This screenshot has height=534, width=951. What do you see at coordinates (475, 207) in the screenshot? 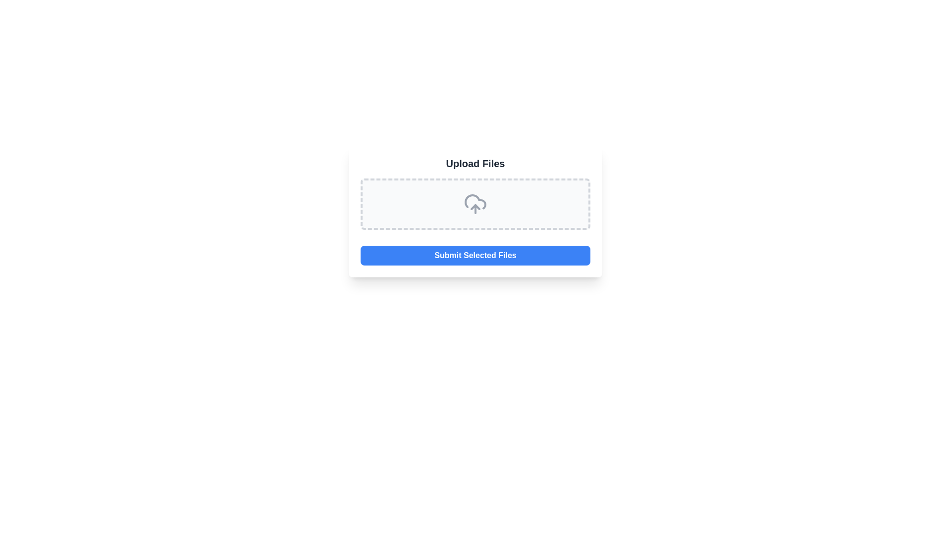
I see `the upward-pointing arrow located in the center-bottom of the cloud icon` at bounding box center [475, 207].